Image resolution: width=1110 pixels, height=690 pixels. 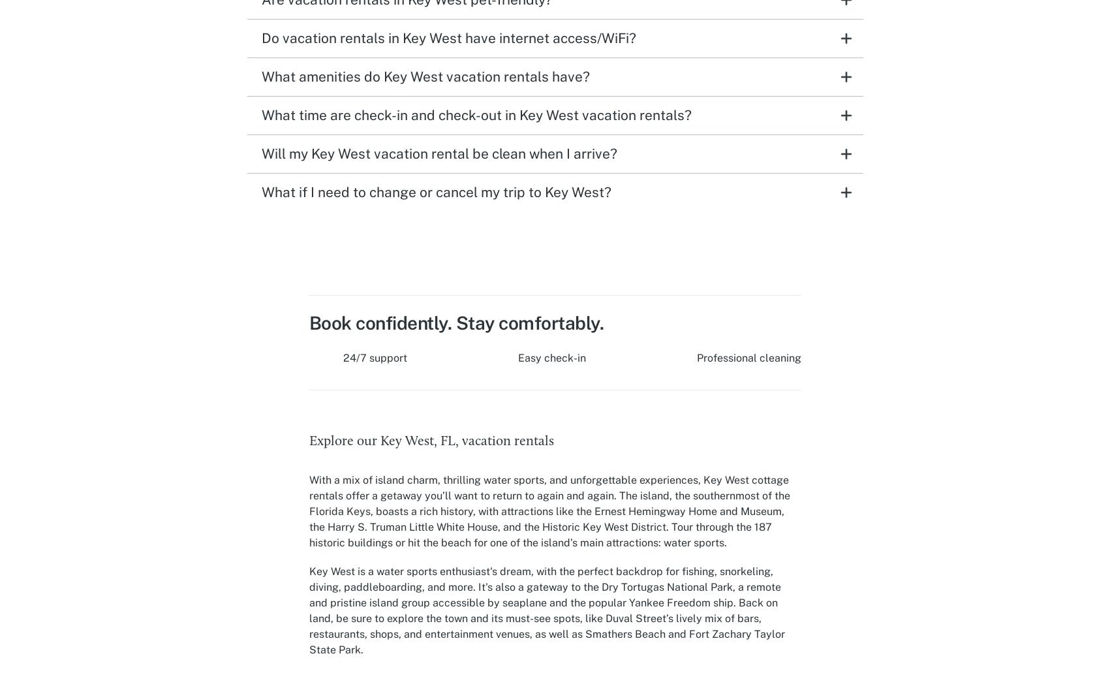 I want to click on 'What time are check-in and check-out in Key West vacation rentals?', so click(x=476, y=114).